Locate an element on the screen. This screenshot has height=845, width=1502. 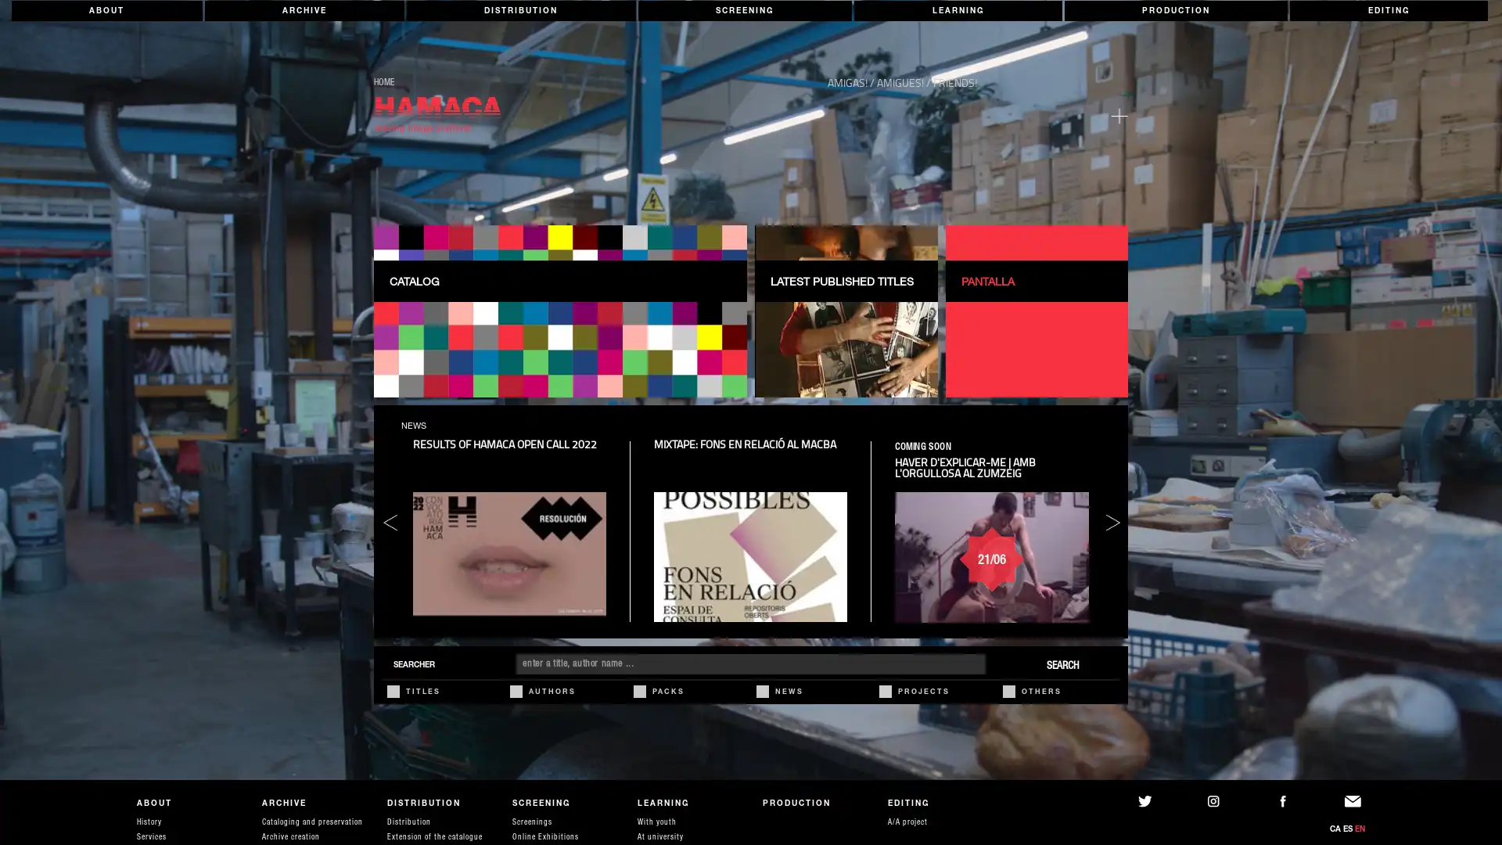
CATALOG is located at coordinates (560, 311).